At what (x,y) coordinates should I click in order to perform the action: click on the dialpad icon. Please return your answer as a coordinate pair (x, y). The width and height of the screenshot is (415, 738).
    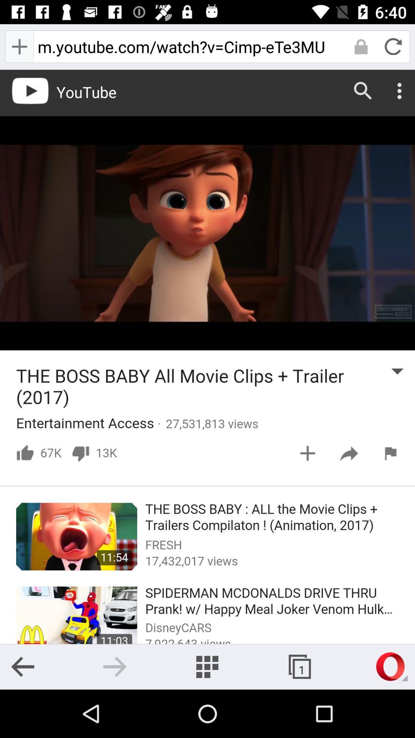
    Looking at the image, I should click on (207, 666).